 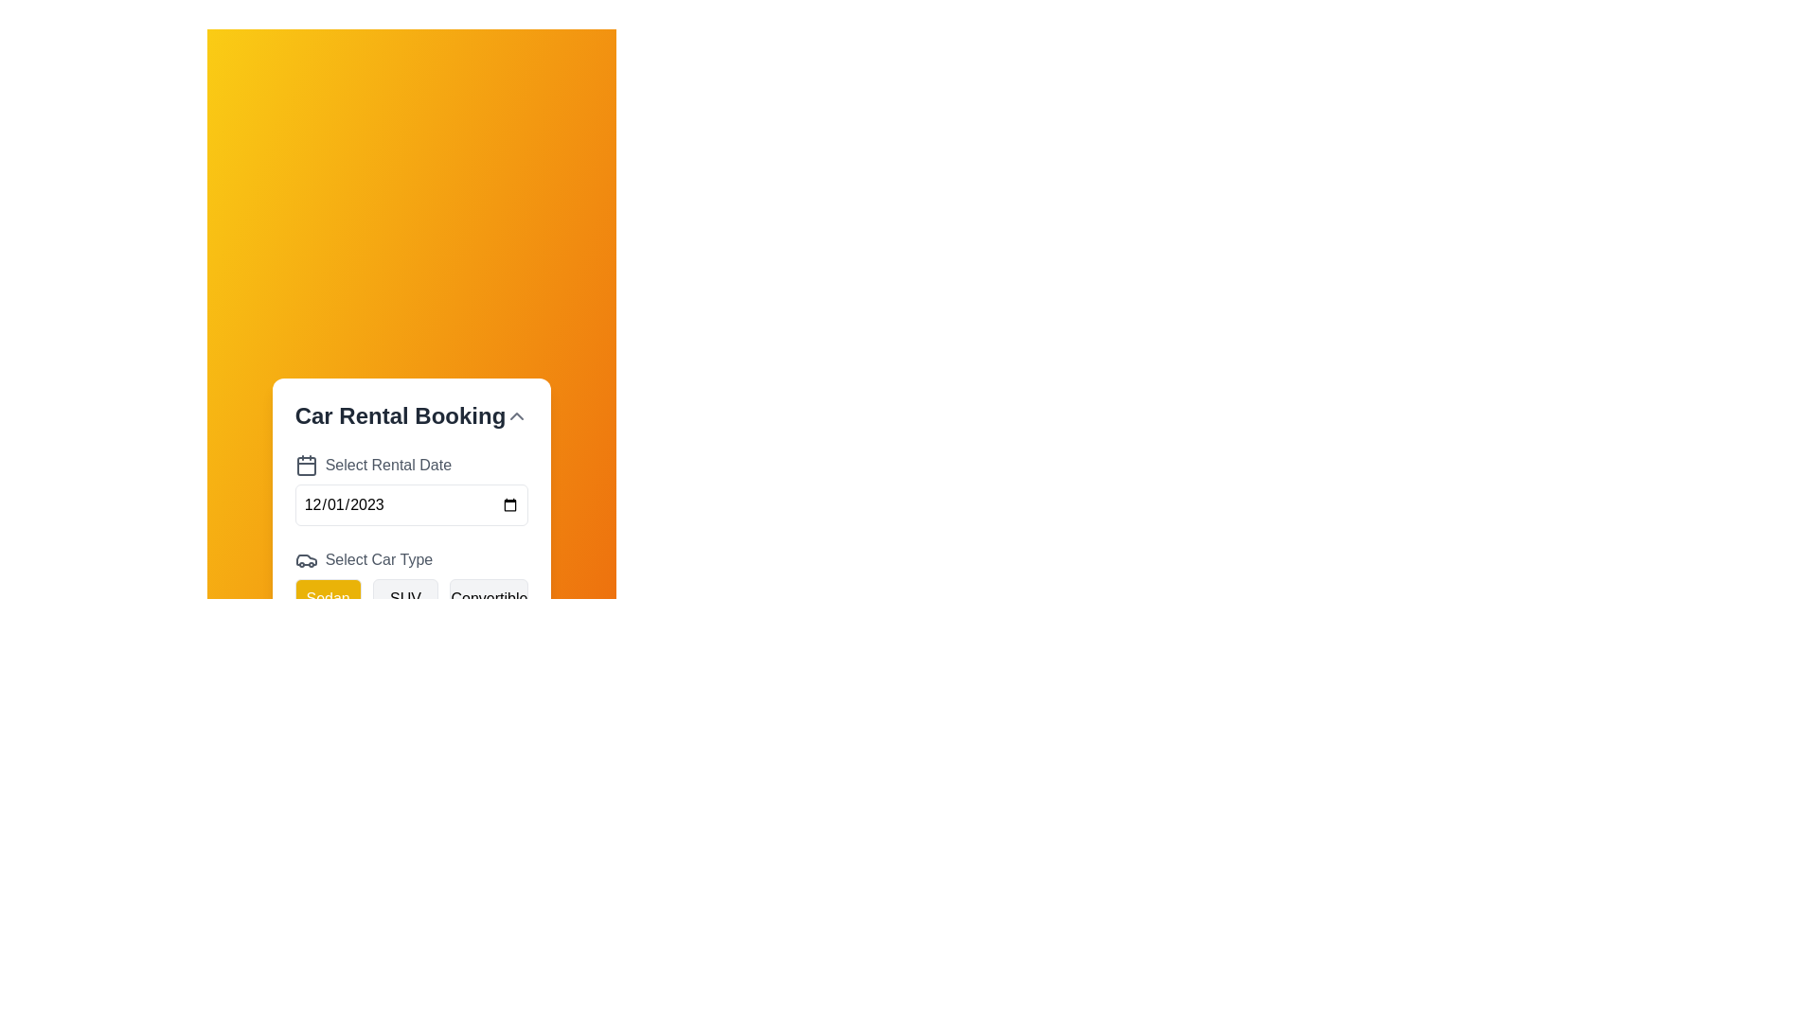 I want to click on the text label indicating the main topic of renting cars, which is located at the top of a white card in the center of the interface, so click(x=399, y=414).